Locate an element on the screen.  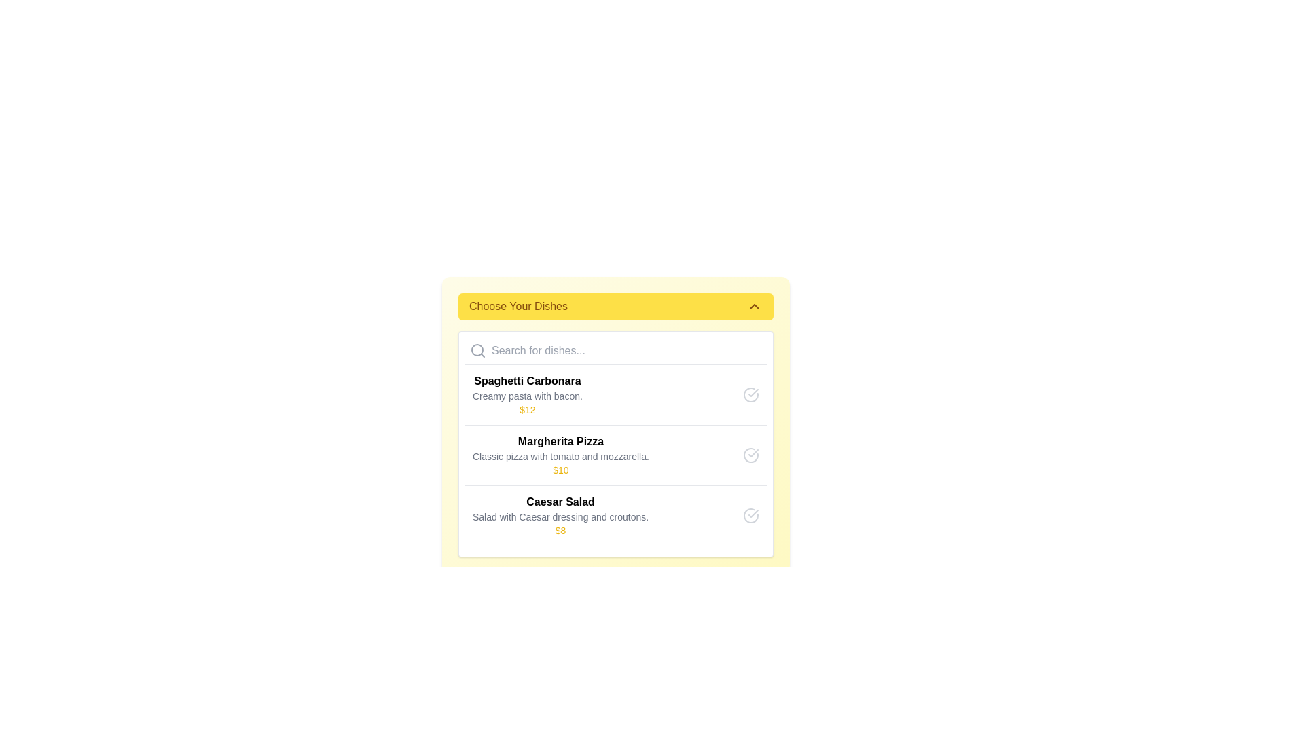
the text label that reads 'Classic pizza with tomato and mozzarella.' which is located below the title 'Margherita Pizza' and above the price '$10' is located at coordinates (560, 456).